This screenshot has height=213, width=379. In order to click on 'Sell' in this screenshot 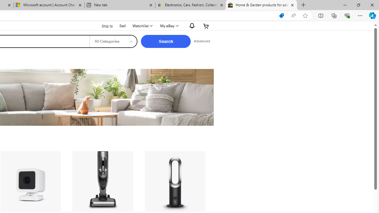, I will do `click(122, 25)`.